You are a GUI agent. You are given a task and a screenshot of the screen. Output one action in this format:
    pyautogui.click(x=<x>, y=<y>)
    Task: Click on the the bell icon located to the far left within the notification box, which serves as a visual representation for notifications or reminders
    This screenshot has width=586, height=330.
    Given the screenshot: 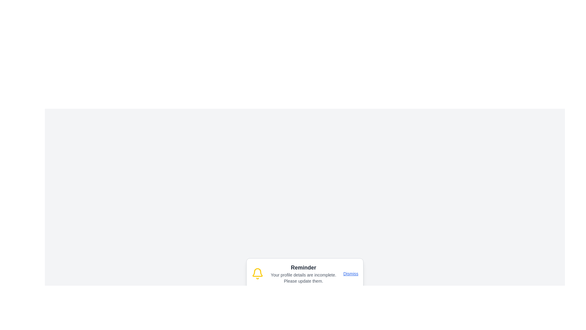 What is the action you would take?
    pyautogui.click(x=258, y=273)
    